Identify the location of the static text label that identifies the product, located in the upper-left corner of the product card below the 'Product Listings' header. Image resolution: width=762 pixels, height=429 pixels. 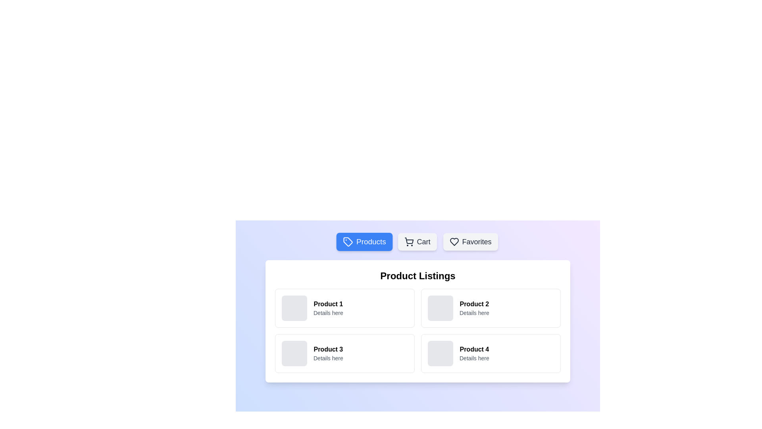
(328, 304).